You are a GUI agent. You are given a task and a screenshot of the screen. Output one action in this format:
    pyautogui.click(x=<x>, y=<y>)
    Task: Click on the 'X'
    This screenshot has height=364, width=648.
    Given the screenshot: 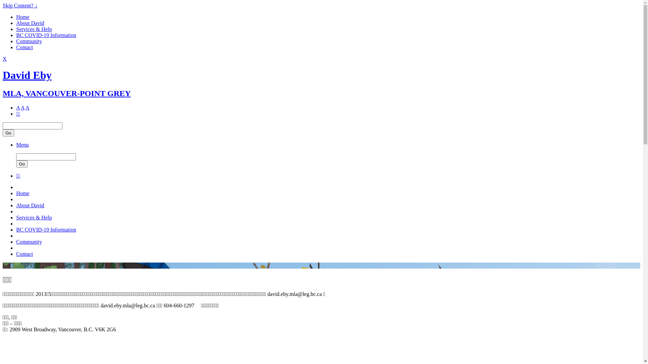 What is the action you would take?
    pyautogui.click(x=3, y=58)
    